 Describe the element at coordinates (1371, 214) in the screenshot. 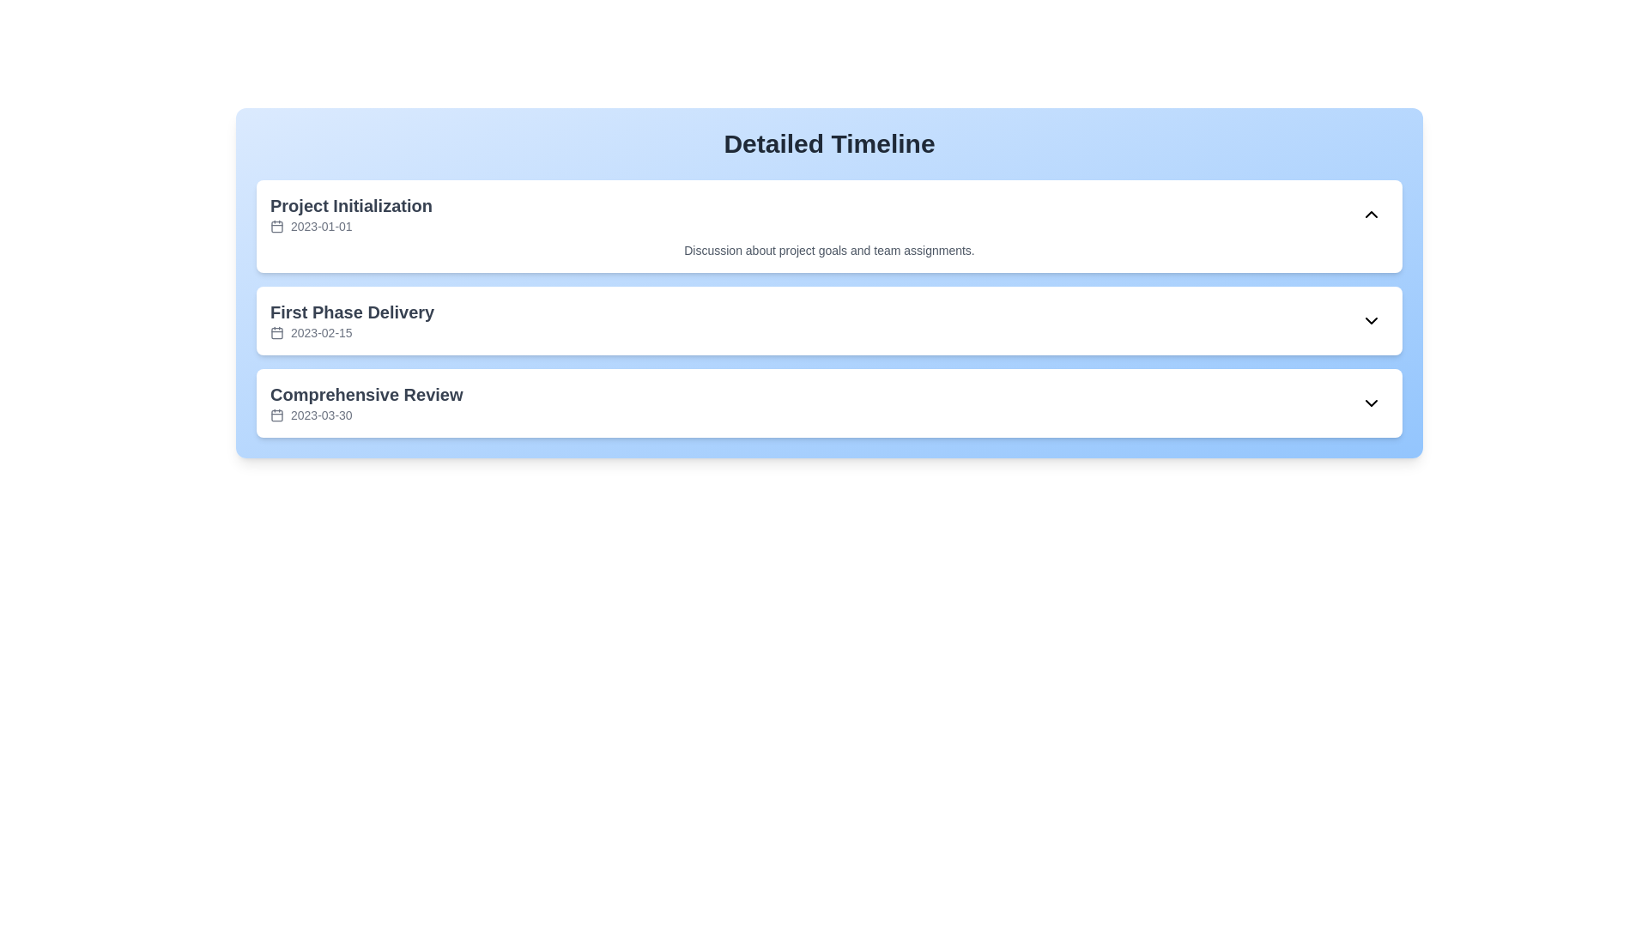

I see `the upward chevron button located at the far-right side of the 'Project Initialization' row` at that location.